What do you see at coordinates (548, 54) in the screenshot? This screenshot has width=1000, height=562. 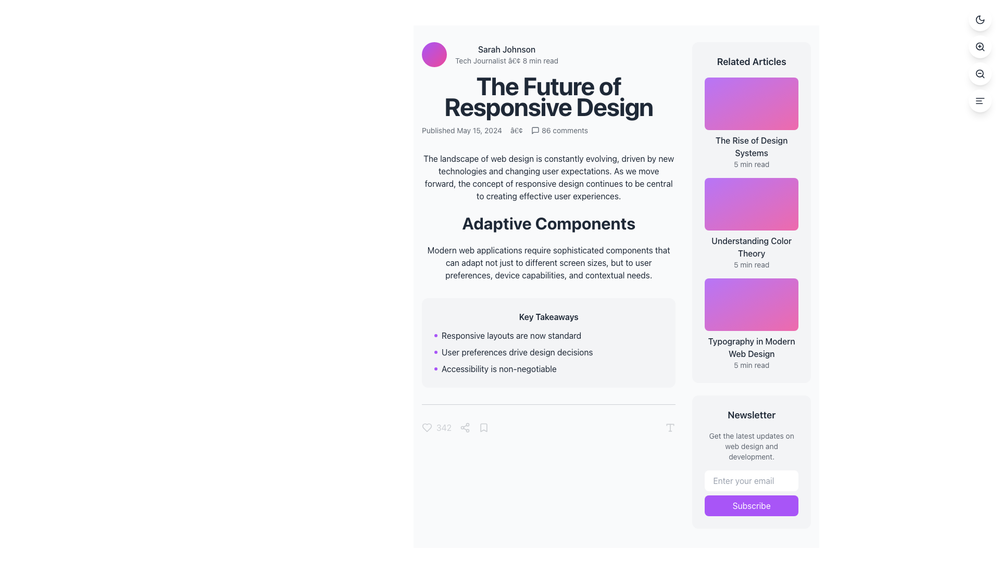 I see `the first composite component consisting of an avatar and text-based labels, which features a circular gradient avatar and the name 'Sarah Johnson' with the subtitle 'Tech Journalist • 8 min read'` at bounding box center [548, 54].